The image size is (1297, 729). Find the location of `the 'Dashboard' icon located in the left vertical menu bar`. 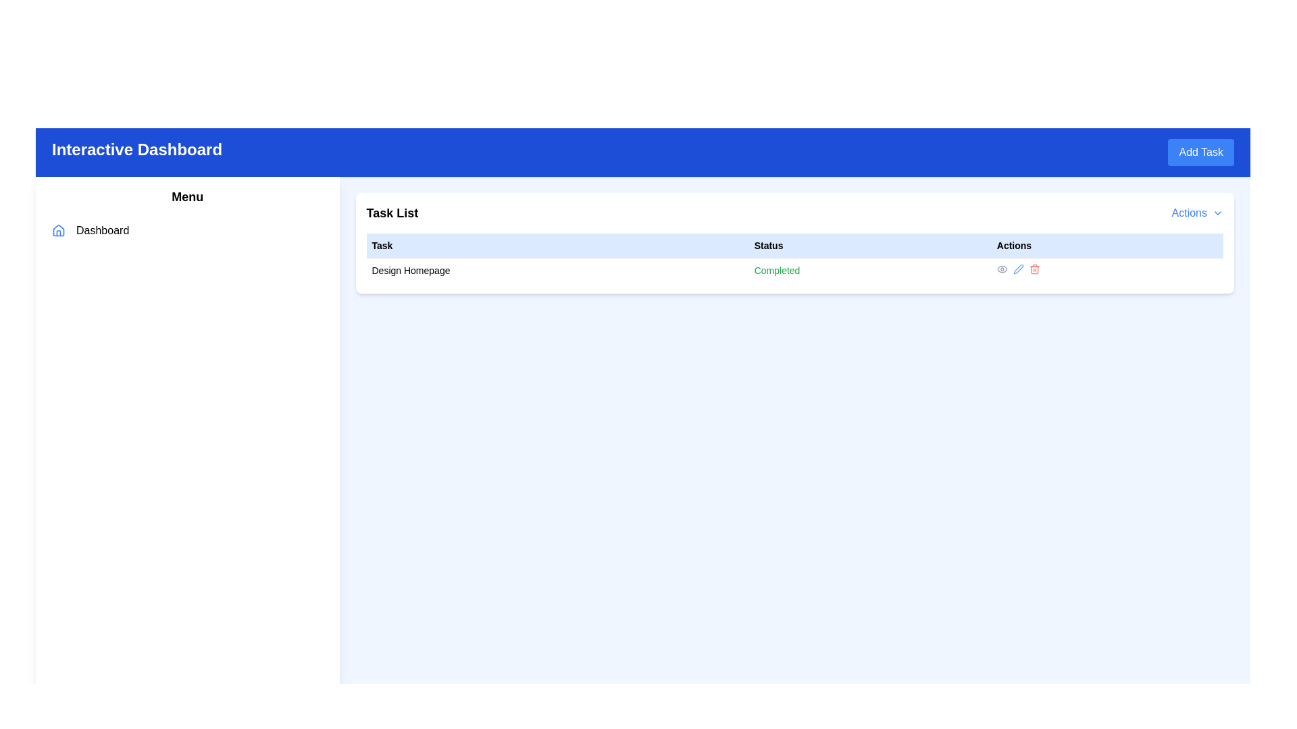

the 'Dashboard' icon located in the left vertical menu bar is located at coordinates (57, 230).